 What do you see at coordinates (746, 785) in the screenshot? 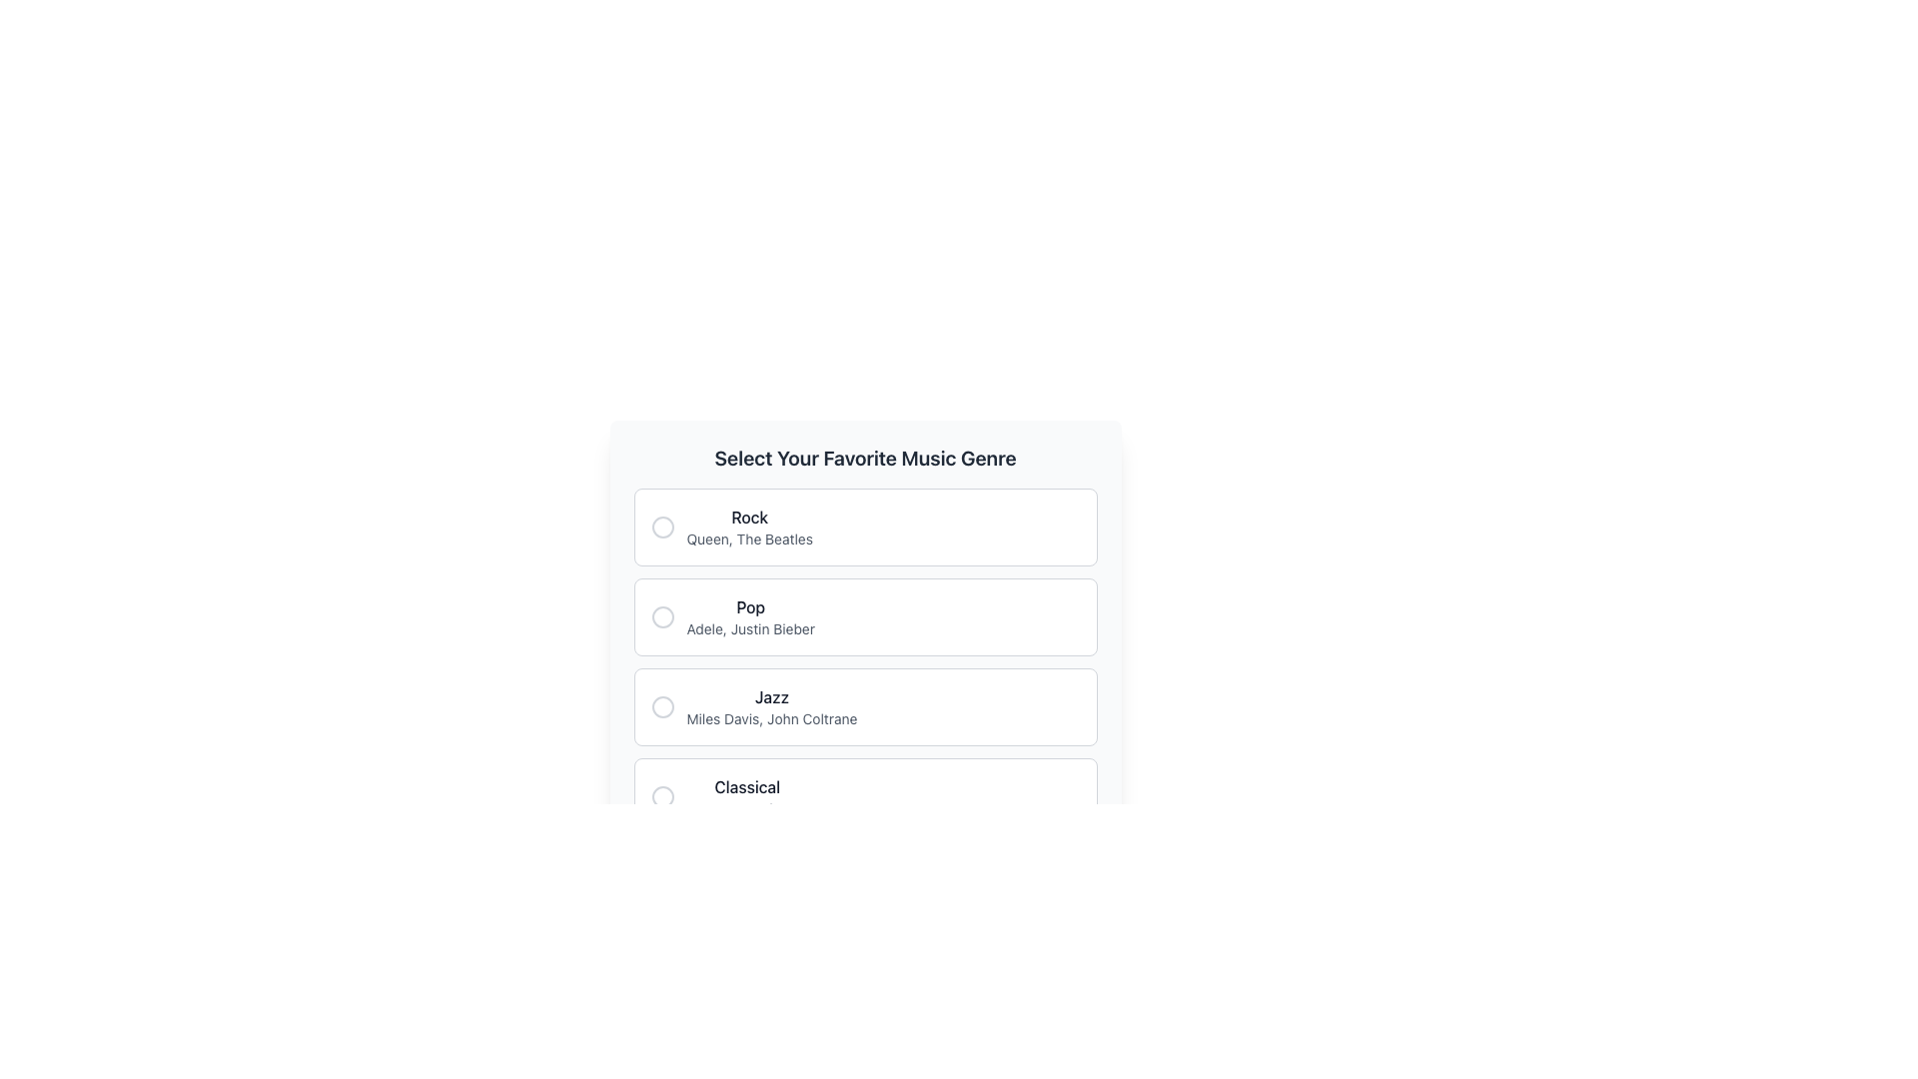
I see `the text label displaying 'Classical' in bold, located at the top of the fourth option in the music genres list` at bounding box center [746, 785].